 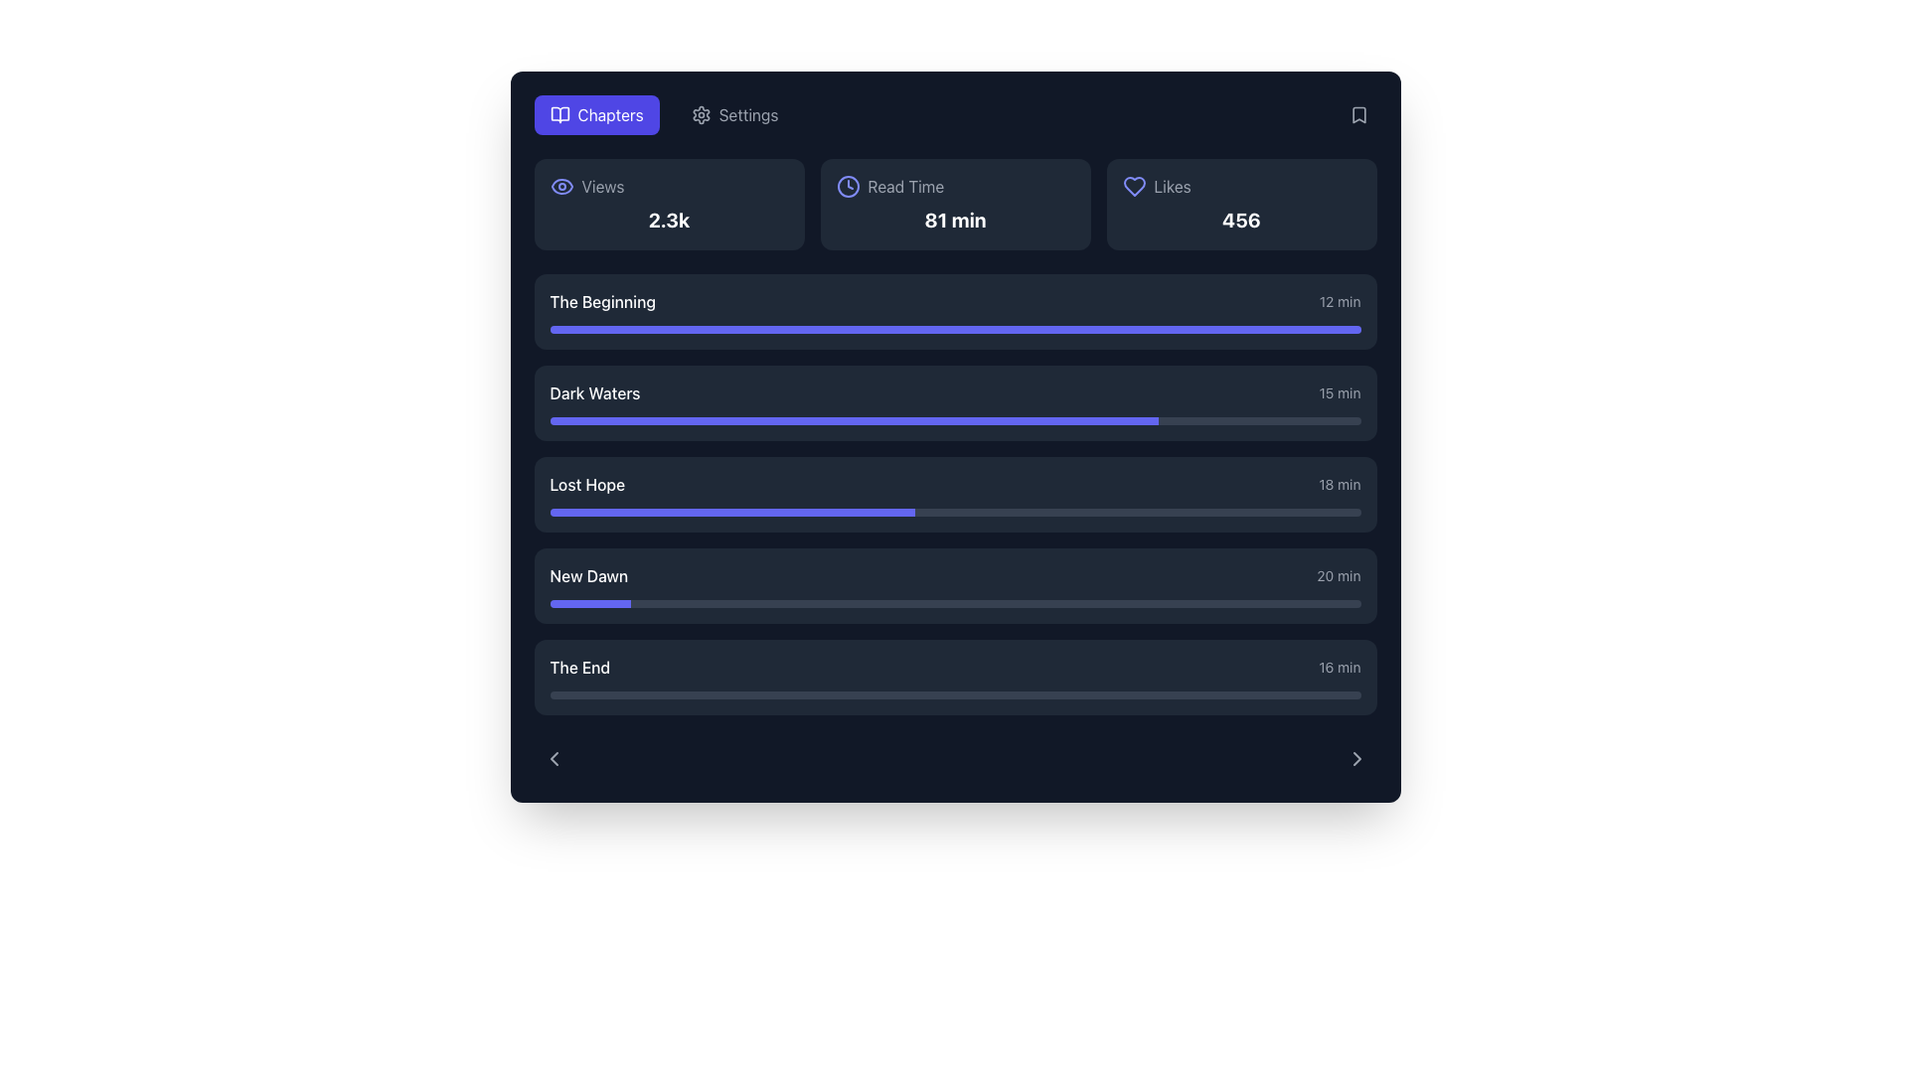 I want to click on the Text Label displaying the 'Views' metric (2.3k) located under the 'Views' label in the metrics section, so click(x=669, y=221).